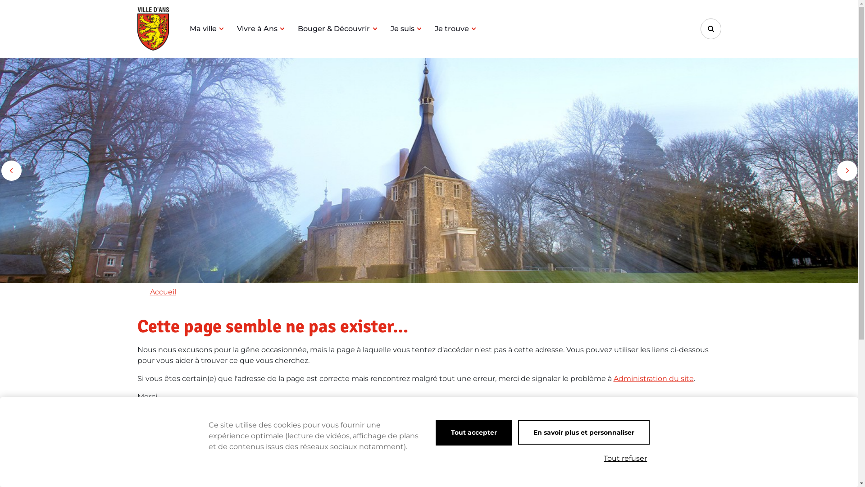 This screenshot has height=487, width=865. I want to click on 'Administration du site', so click(613, 378).